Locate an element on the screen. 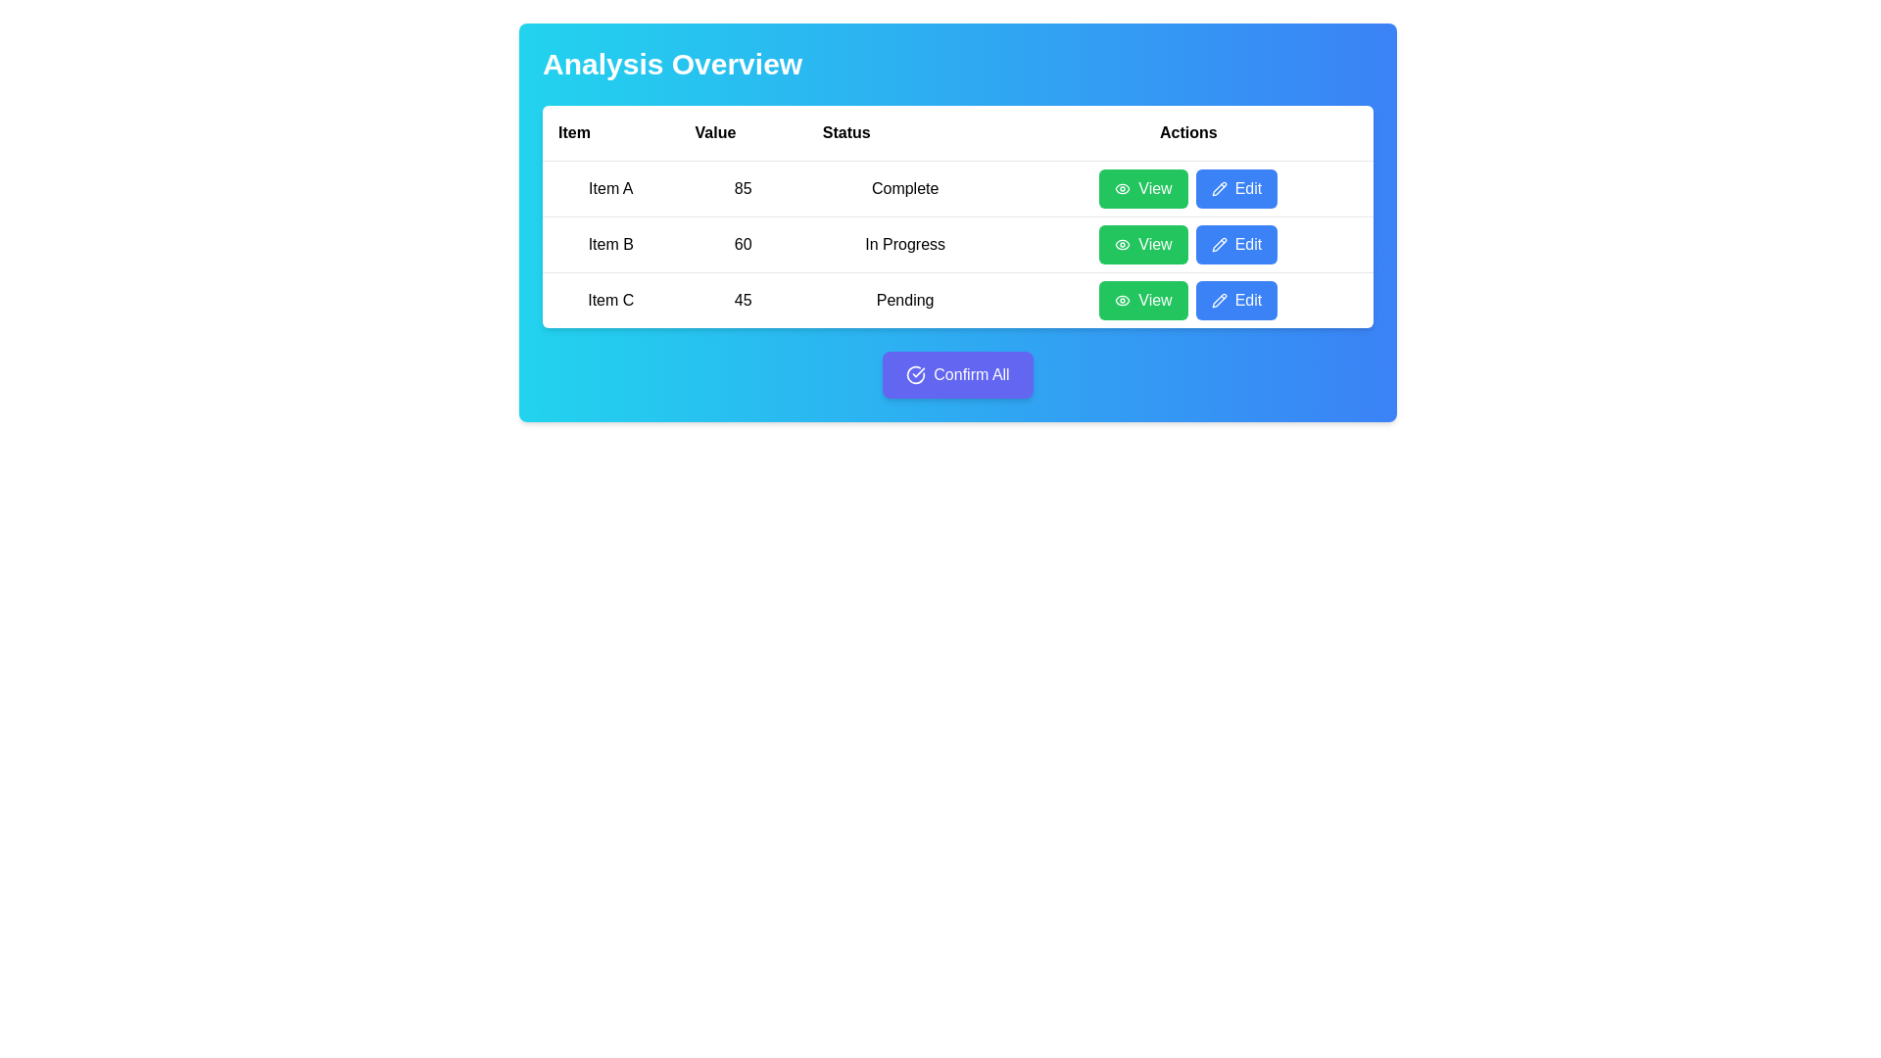 The height and width of the screenshot is (1058, 1881). the stylized eye icon in the 'View' button located in the 'Actions' cell of the first row corresponding to 'Item A' is located at coordinates (1123, 188).